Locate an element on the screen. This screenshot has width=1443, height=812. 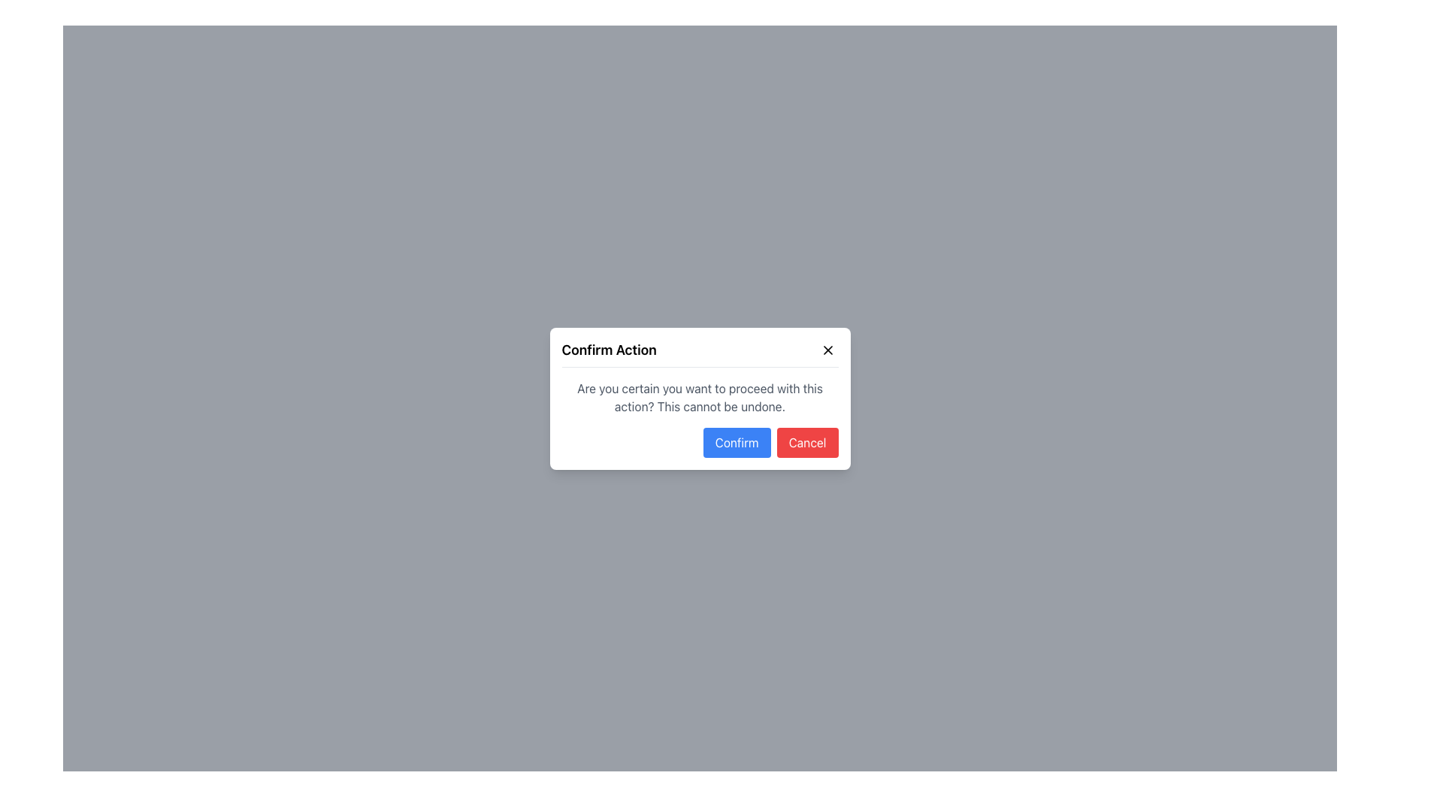
the cancel button located at the bottom-right of the dialog box is located at coordinates (806, 441).